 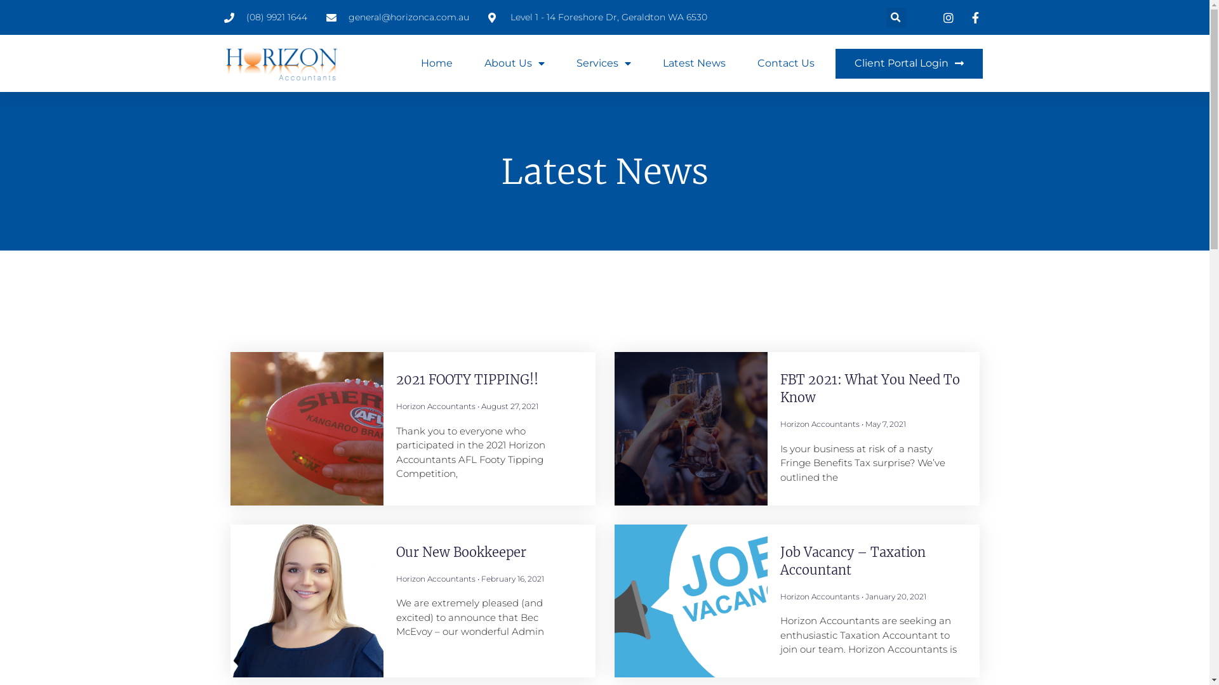 What do you see at coordinates (223, 17) in the screenshot?
I see `'(08) 9921 1644'` at bounding box center [223, 17].